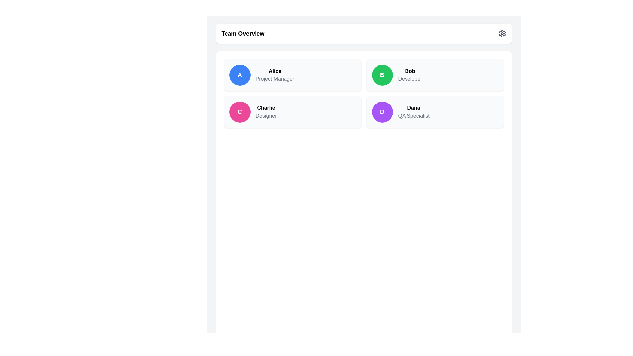 The height and width of the screenshot is (356, 633). What do you see at coordinates (382, 74) in the screenshot?
I see `the user identifier badge located at the top-right corner next to 'Bob Developer'` at bounding box center [382, 74].